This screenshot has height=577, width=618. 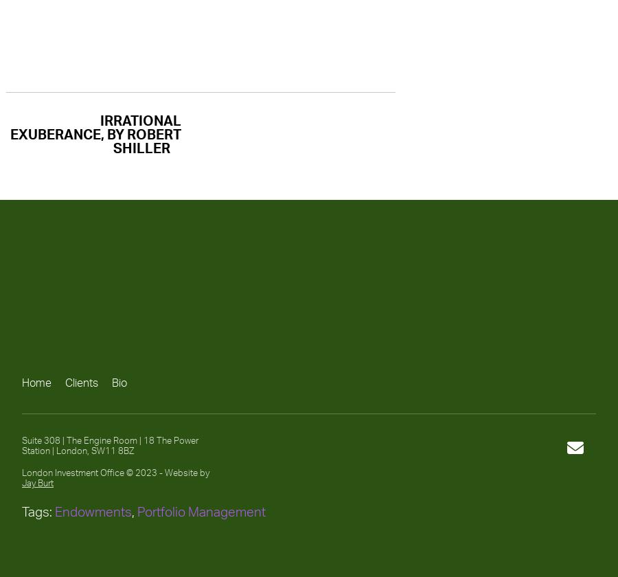 What do you see at coordinates (37, 512) in the screenshot?
I see `'Tags:'` at bounding box center [37, 512].